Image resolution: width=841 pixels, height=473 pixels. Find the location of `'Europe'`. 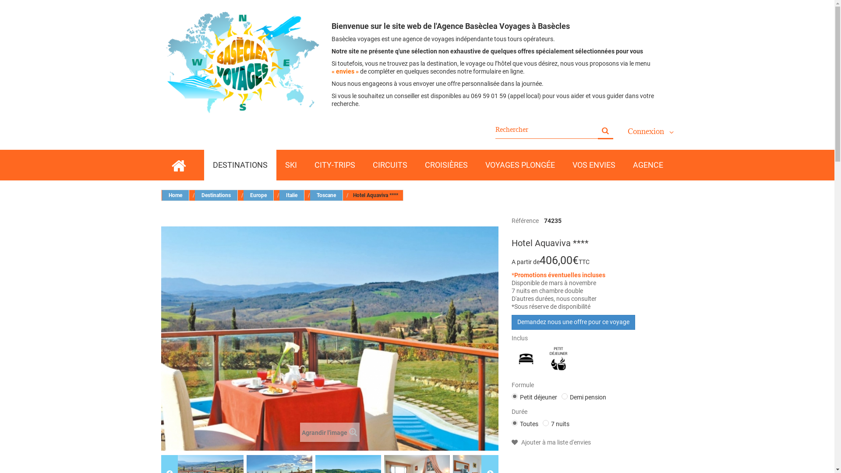

'Europe' is located at coordinates (258, 195).